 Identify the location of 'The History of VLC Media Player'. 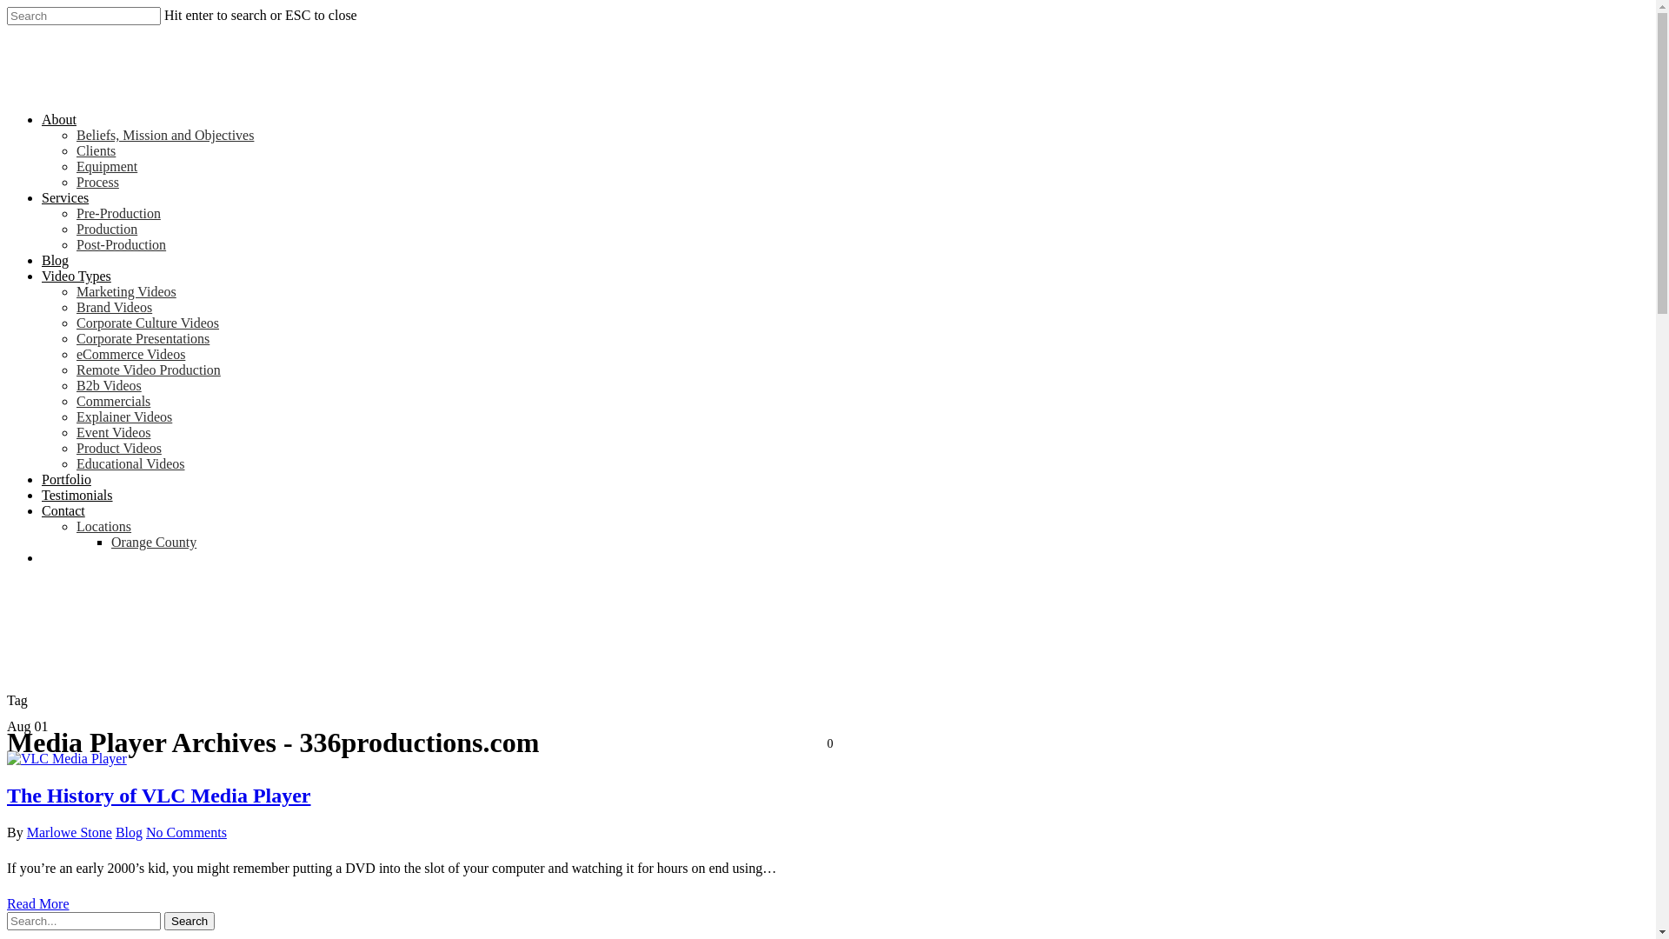
(158, 795).